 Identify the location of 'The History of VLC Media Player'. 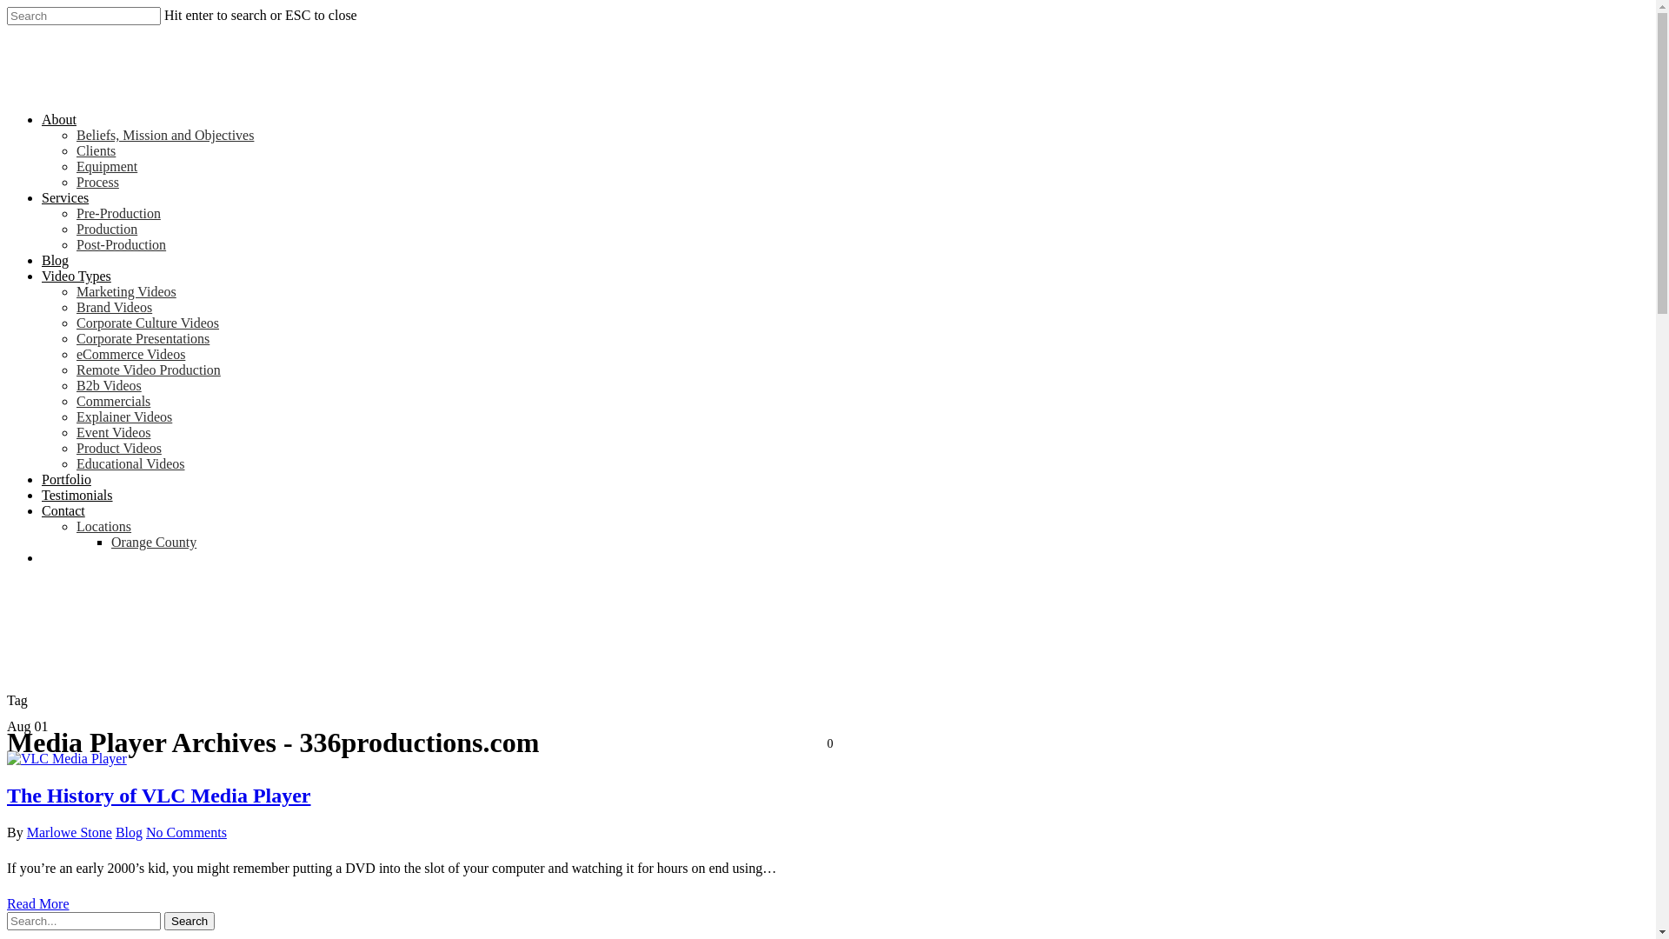
(158, 795).